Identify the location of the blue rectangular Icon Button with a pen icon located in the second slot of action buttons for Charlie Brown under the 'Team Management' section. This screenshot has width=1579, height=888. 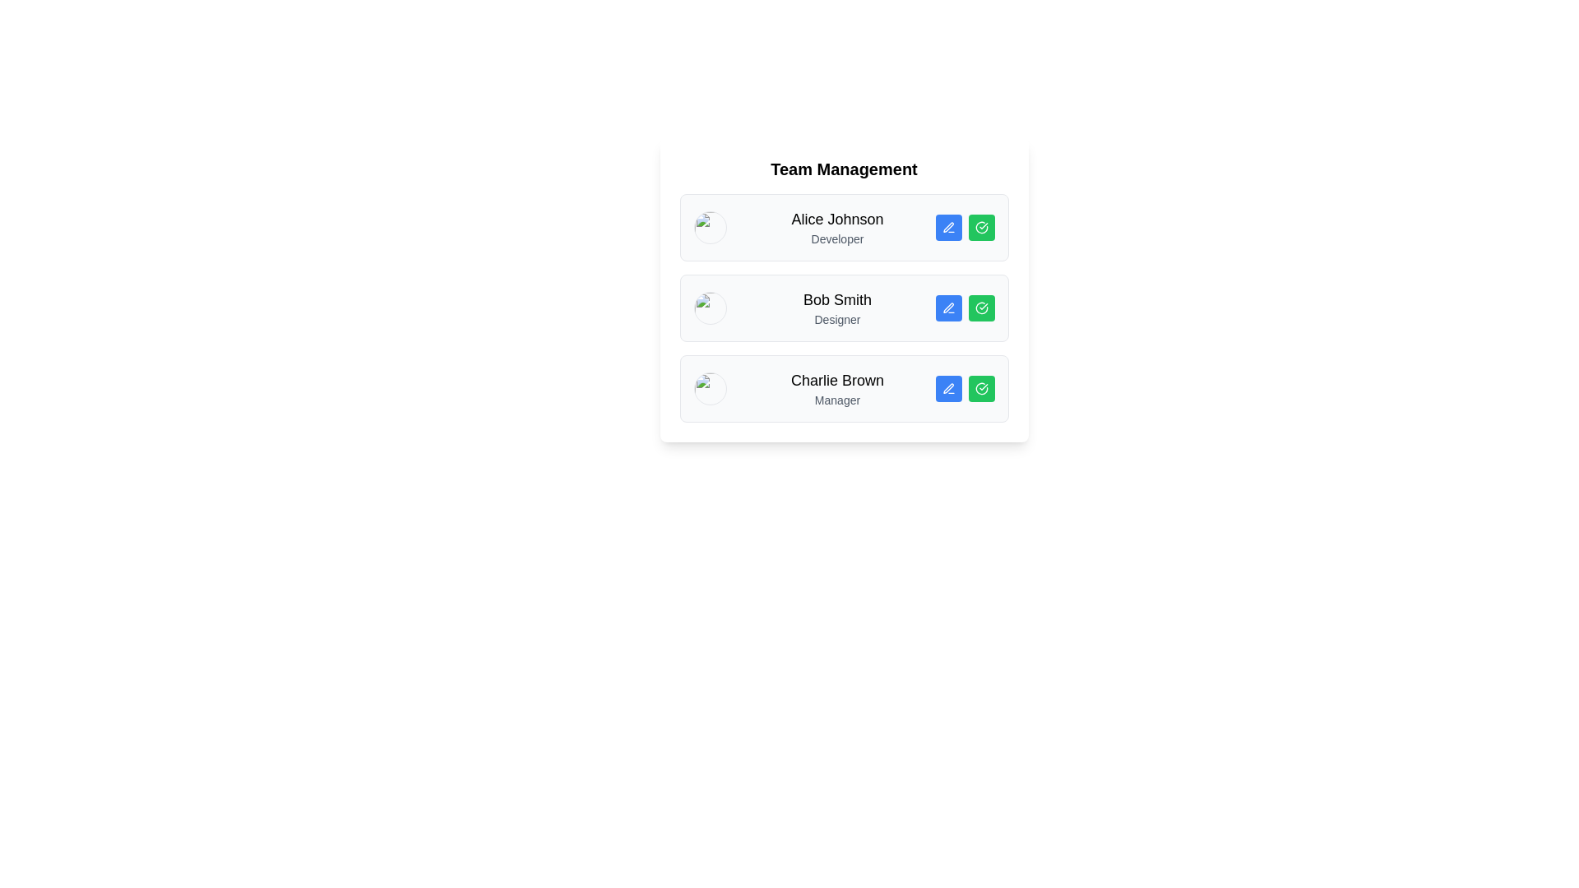
(948, 389).